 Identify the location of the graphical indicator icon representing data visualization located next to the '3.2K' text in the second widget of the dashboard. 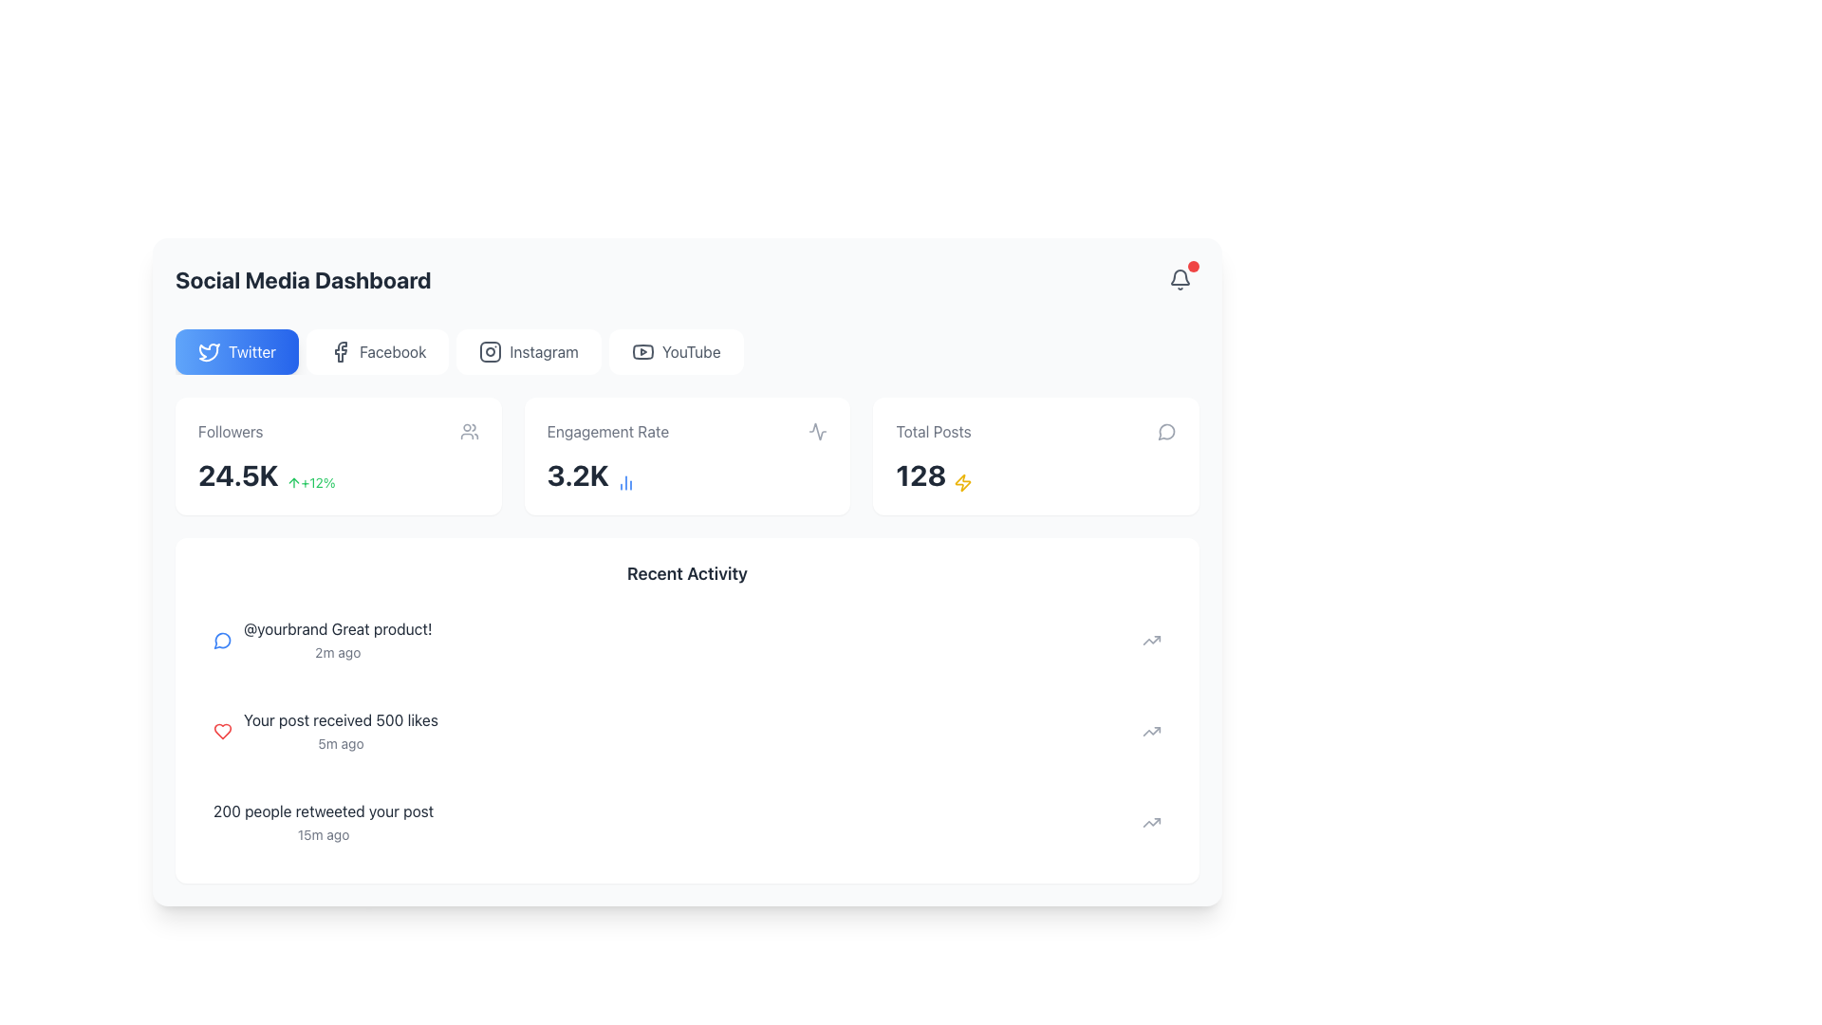
(625, 482).